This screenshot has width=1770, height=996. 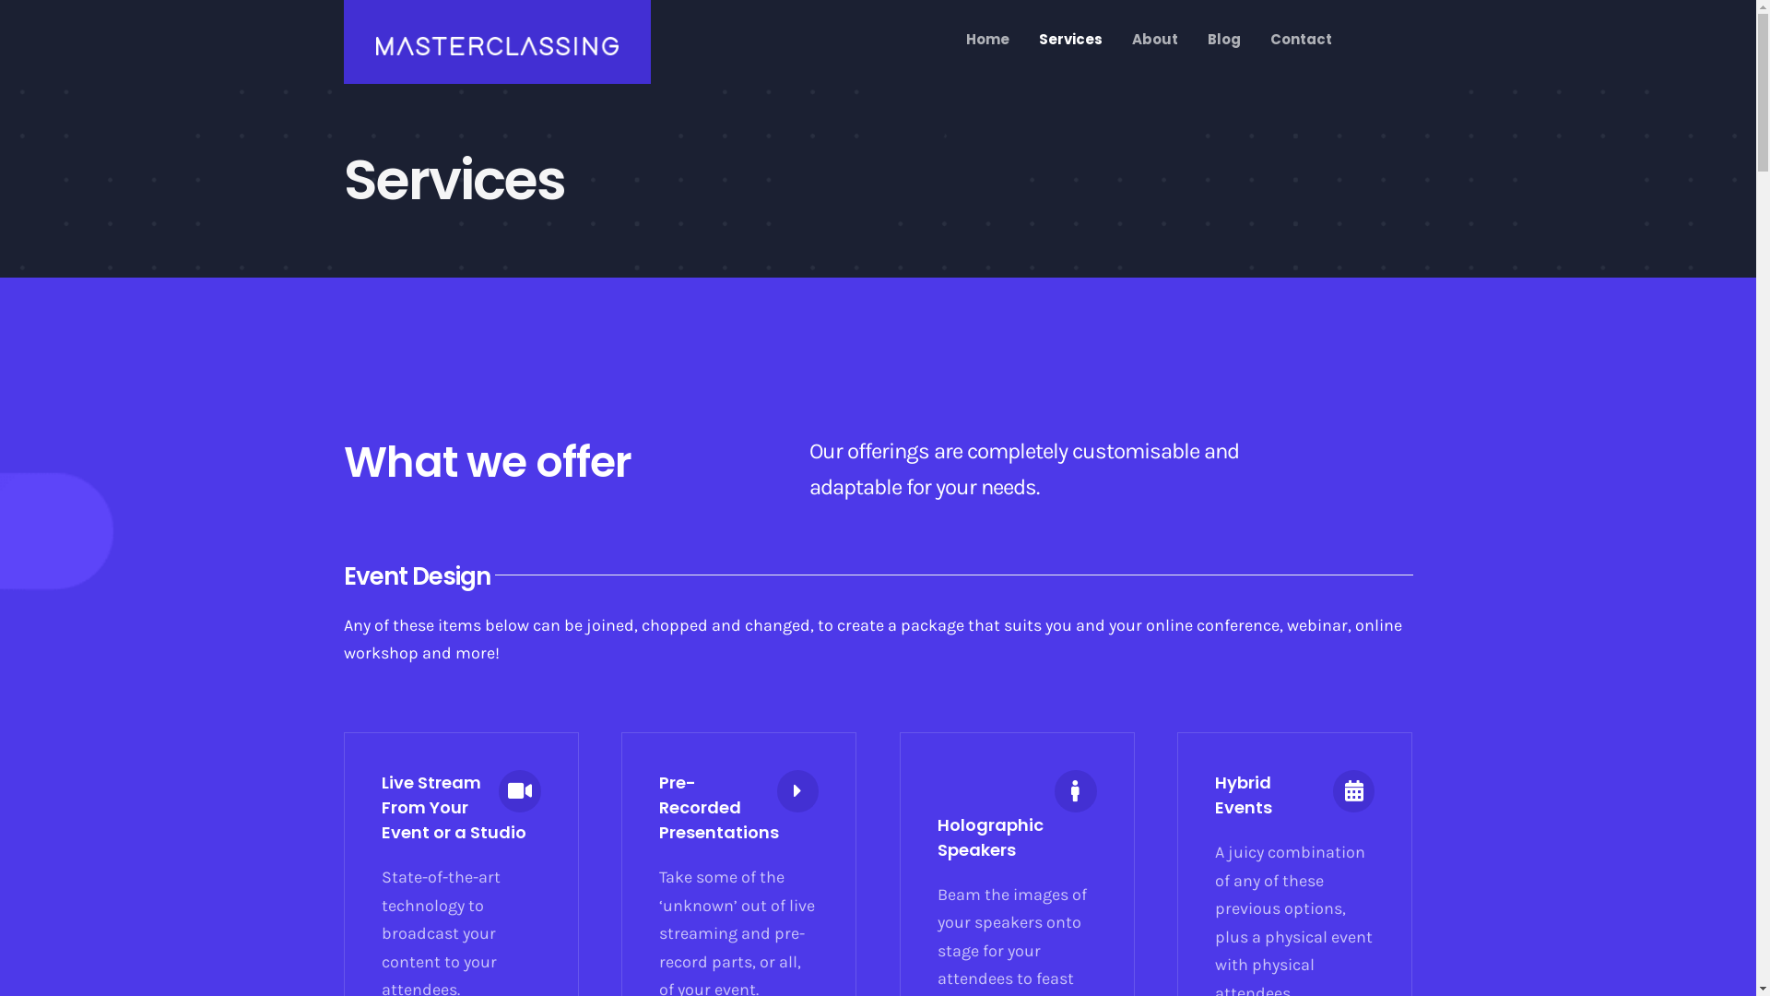 I want to click on 'Home', so click(x=986, y=39).